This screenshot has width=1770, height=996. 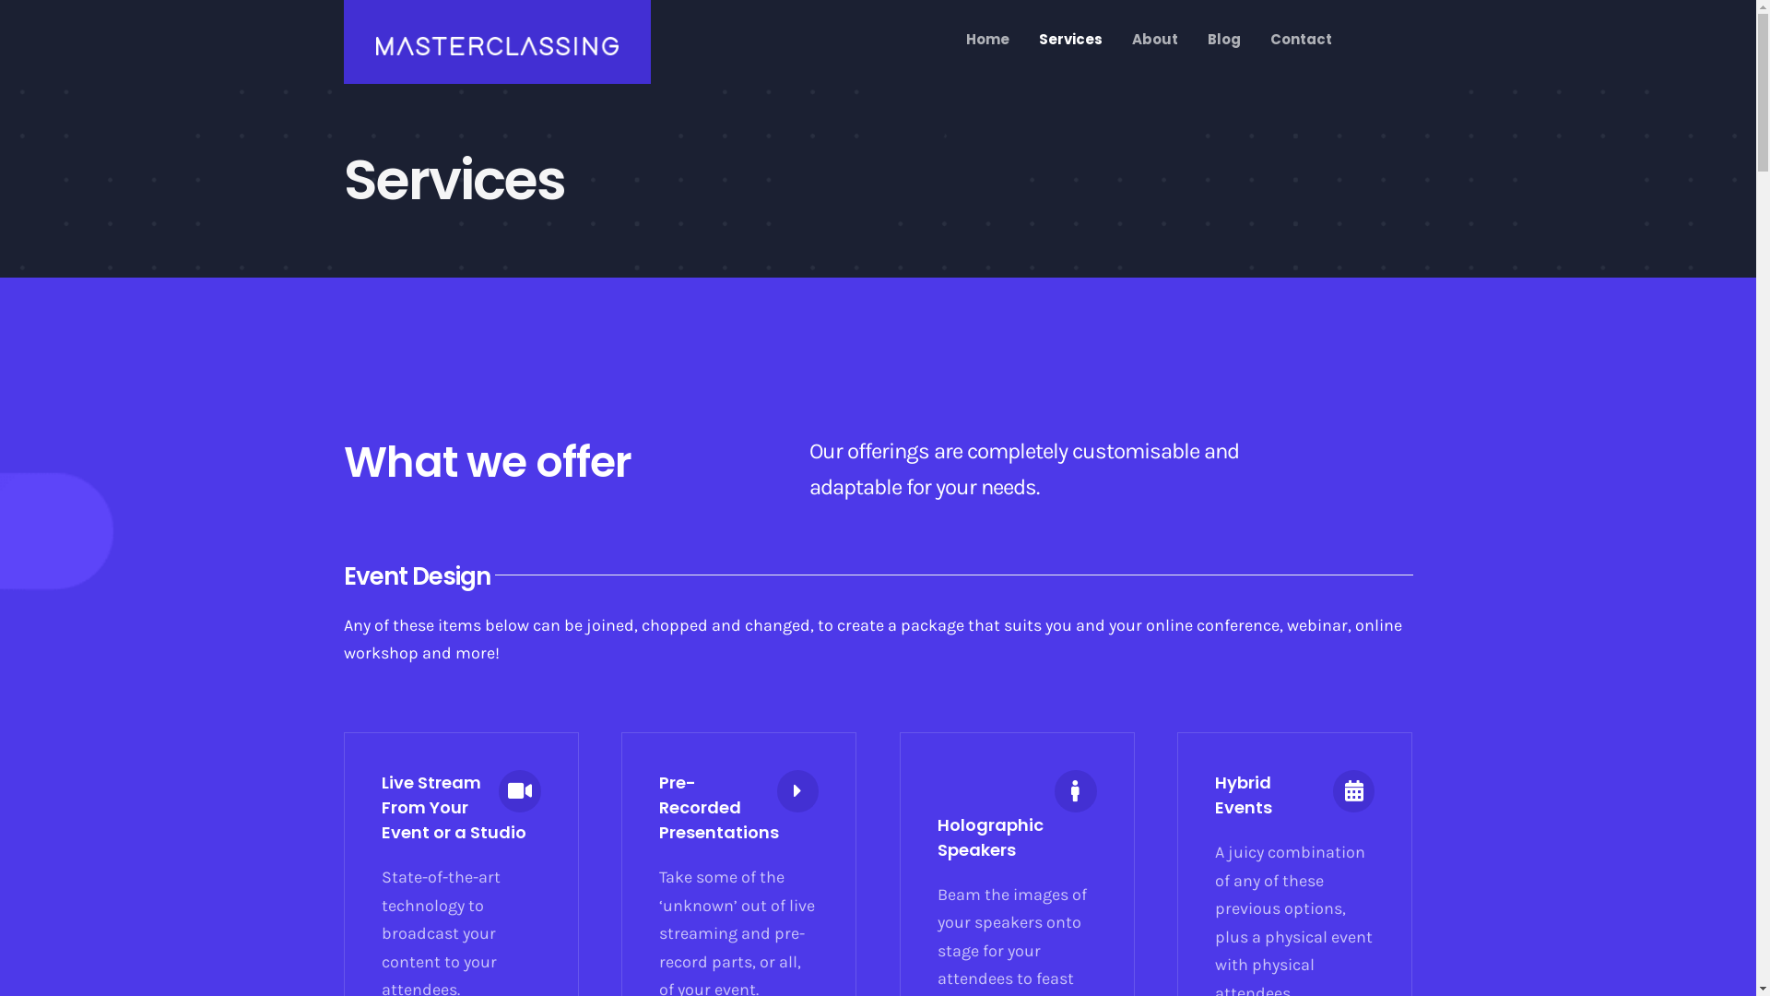 I want to click on 'Home', so click(x=986, y=39).